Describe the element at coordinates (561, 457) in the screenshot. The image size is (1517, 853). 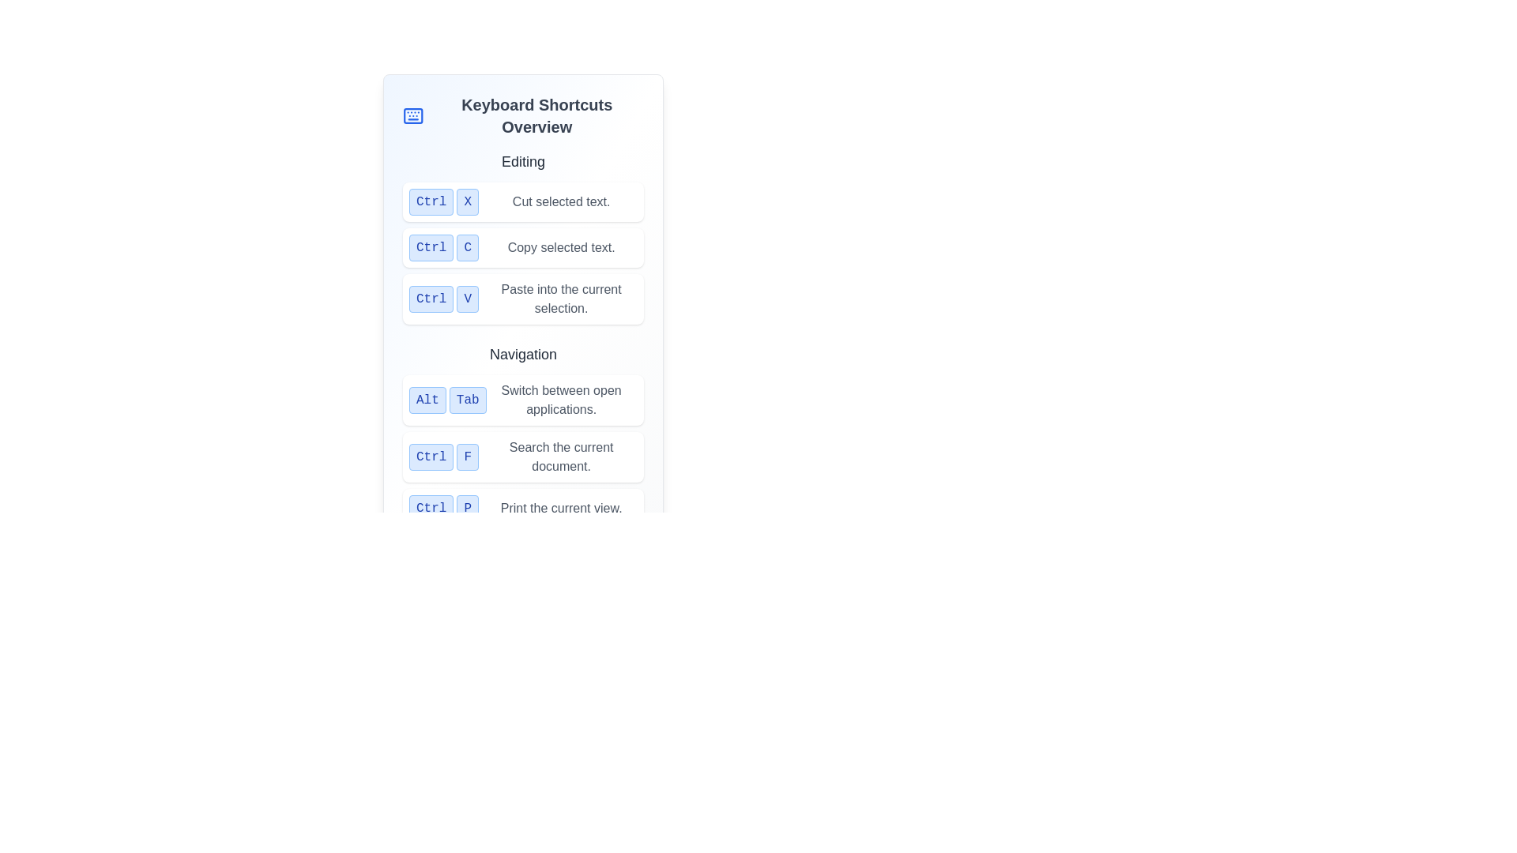
I see `the static text element that reads 'Search the current document.' which is positioned in the second column of the grid layout, next to the control key indication 'Ctrl F'` at that location.